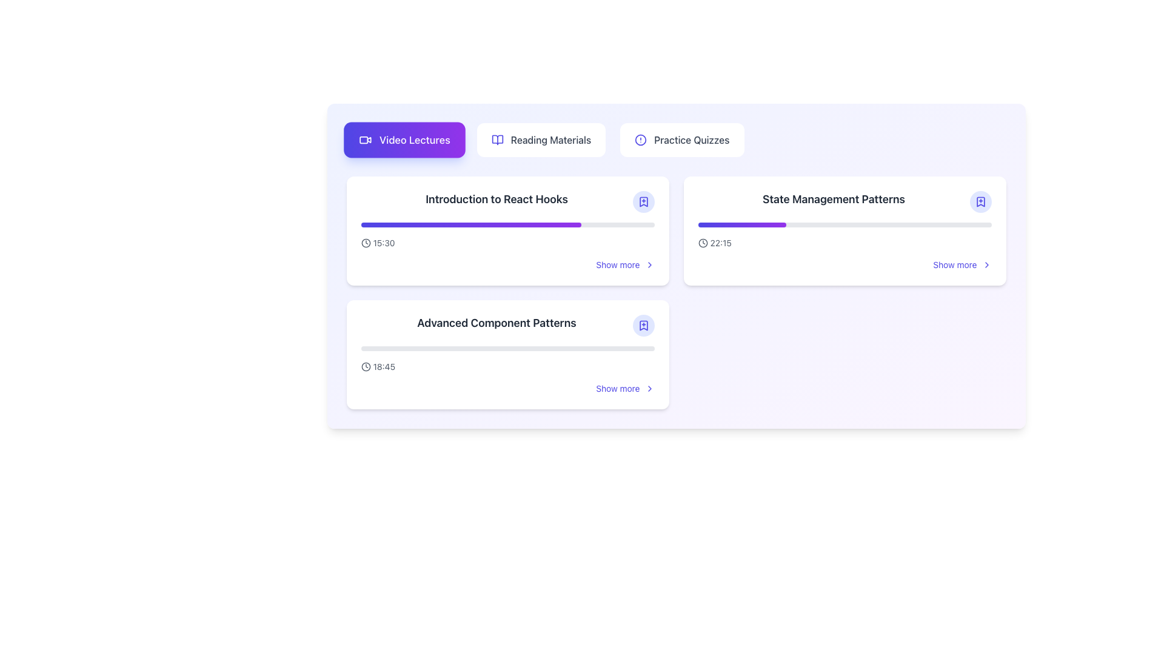 Image resolution: width=1164 pixels, height=655 pixels. I want to click on the bookmark icon located at the top-right of the 'State Management Patterns' card, so click(980, 201).